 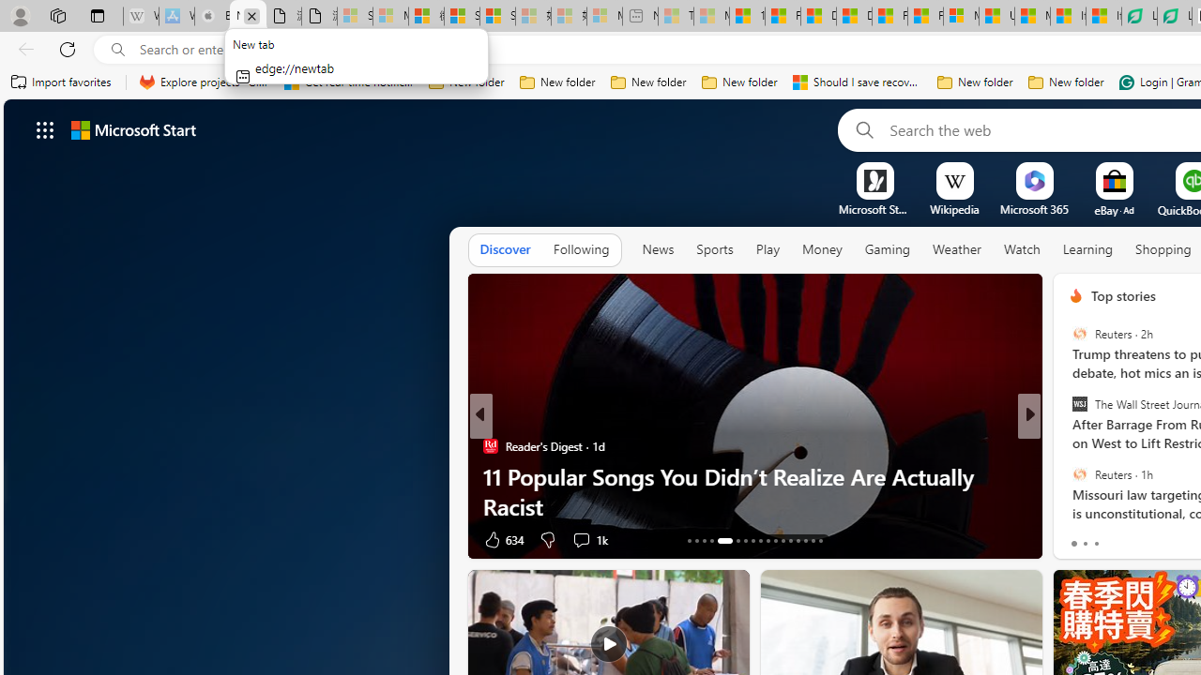 I want to click on 'LendingTree - Compare Lenders', so click(x=1173, y=16).